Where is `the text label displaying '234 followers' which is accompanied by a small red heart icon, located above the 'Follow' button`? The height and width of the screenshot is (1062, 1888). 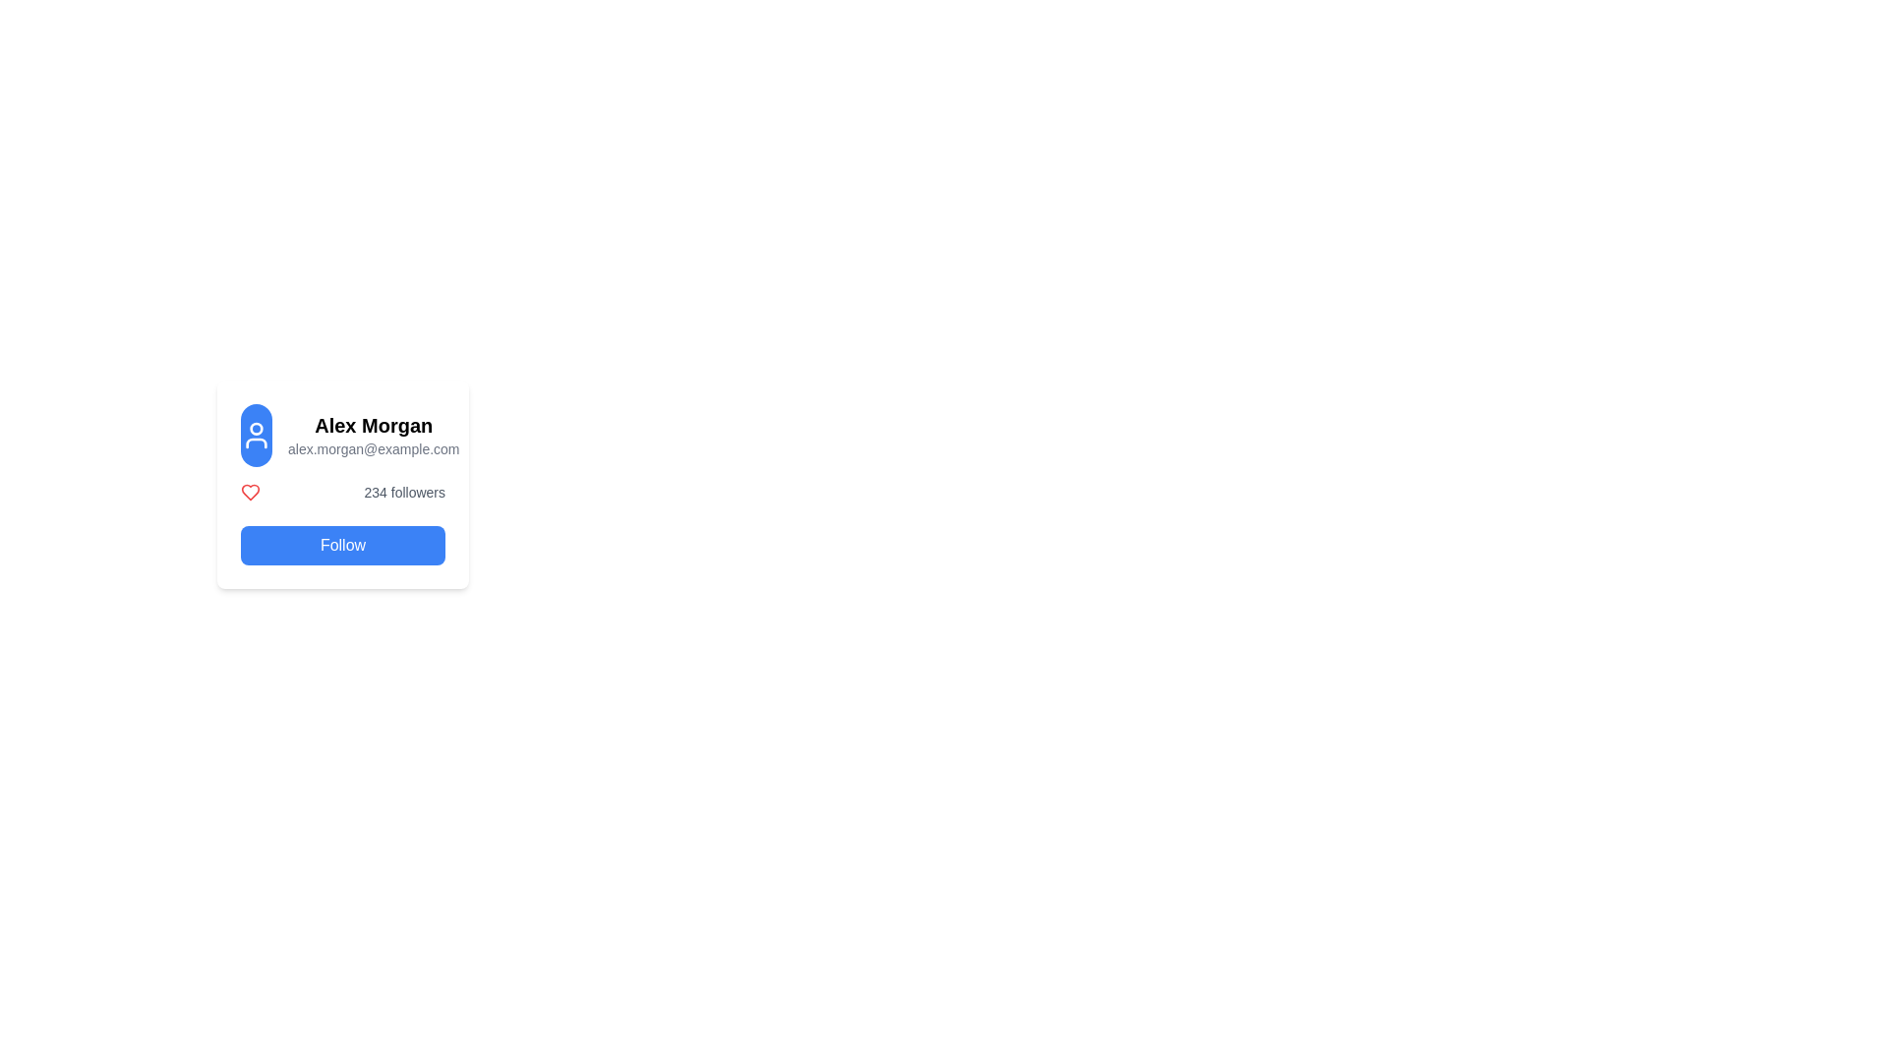
the text label displaying '234 followers' which is accompanied by a small red heart icon, located above the 'Follow' button is located at coordinates (343, 492).